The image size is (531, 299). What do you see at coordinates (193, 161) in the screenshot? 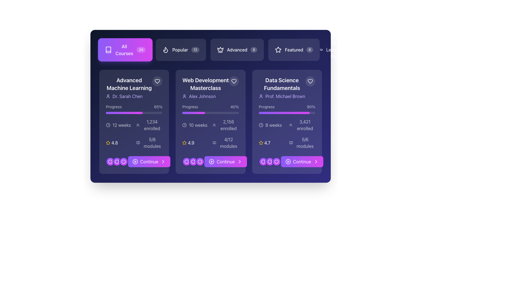
I see `the second button in the group below the 'Web Development Masterclass' course card` at bounding box center [193, 161].